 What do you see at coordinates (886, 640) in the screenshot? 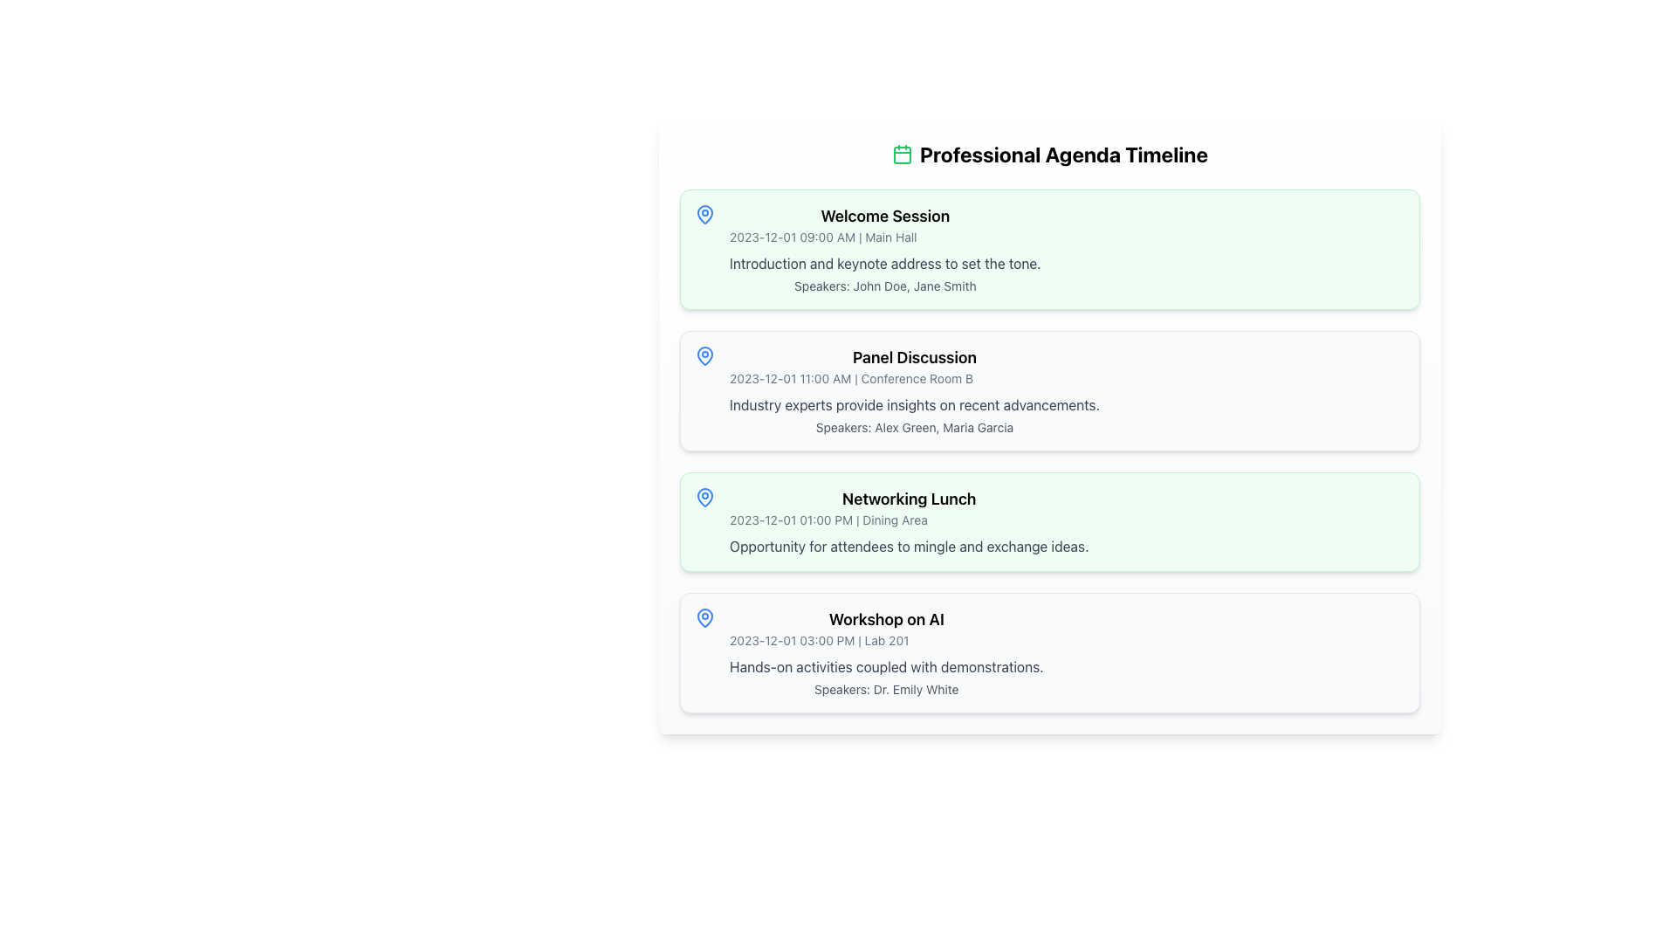
I see `the Text Label displaying '2023-12-01 03:00 PM | Lab 201', which is located beneath the 'Workshop on AI' title in the fourth card of the event list` at bounding box center [886, 640].